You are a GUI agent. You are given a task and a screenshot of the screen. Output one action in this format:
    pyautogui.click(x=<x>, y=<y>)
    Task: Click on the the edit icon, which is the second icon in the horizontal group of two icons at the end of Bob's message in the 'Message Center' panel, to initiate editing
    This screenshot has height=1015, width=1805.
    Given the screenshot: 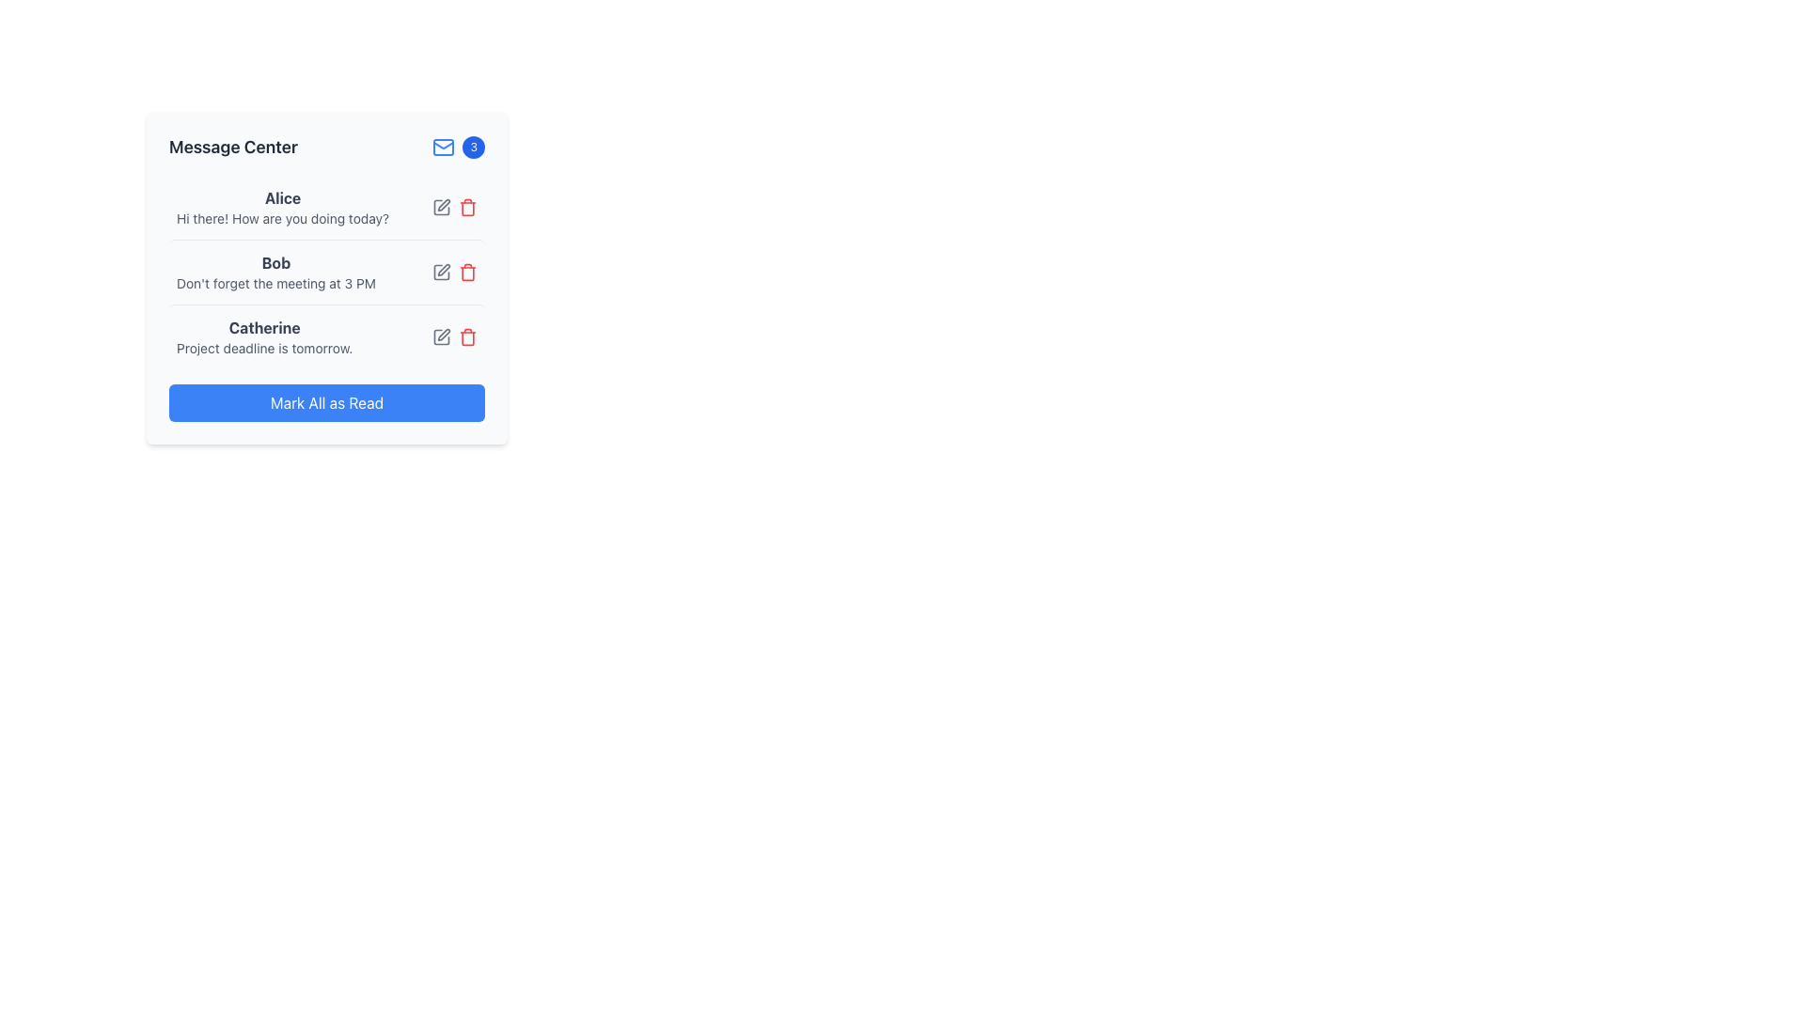 What is the action you would take?
    pyautogui.click(x=443, y=205)
    